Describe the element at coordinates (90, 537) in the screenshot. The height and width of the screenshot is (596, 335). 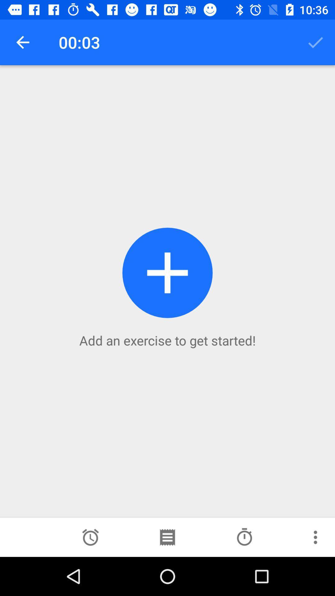
I see `icon at the bottom left corner` at that location.